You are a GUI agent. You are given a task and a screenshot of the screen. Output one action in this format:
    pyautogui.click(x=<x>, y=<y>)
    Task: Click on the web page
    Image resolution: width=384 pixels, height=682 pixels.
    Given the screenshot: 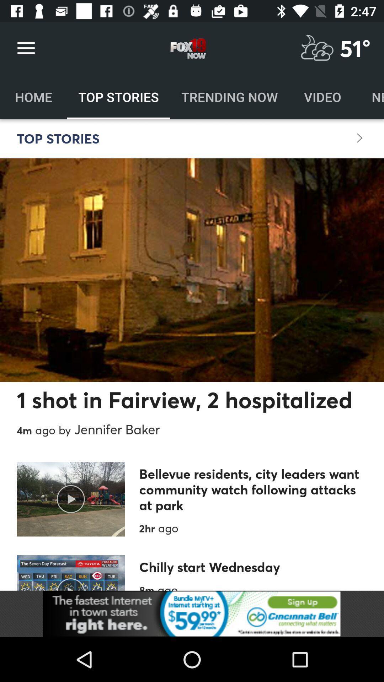 What is the action you would take?
    pyautogui.click(x=192, y=613)
    